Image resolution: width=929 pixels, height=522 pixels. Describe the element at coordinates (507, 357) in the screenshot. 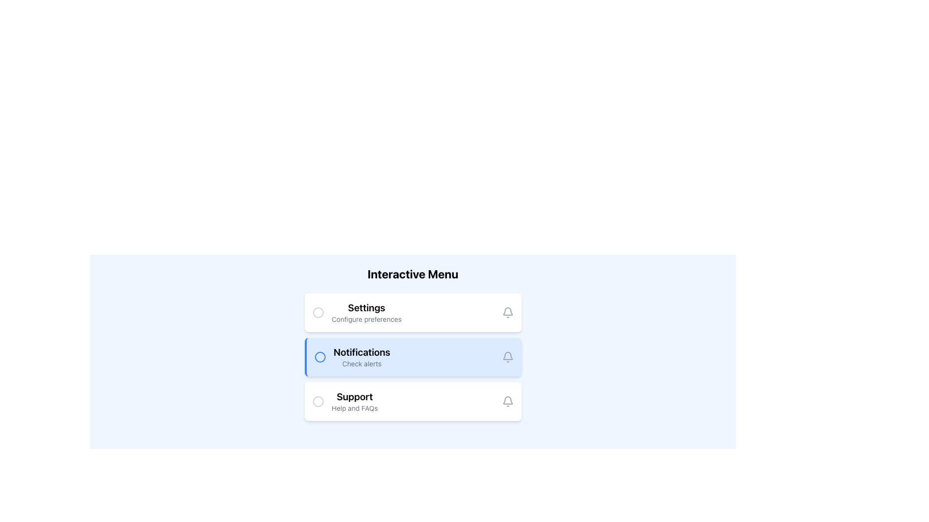

I see `the Notification Icon, which is a bell-shaped icon located next to the text 'Notifications' in the user interface menu` at that location.